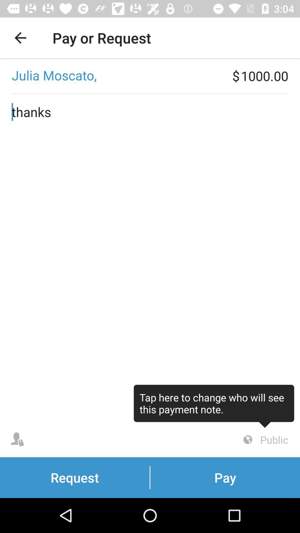 The image size is (300, 533). Describe the element at coordinates (20, 37) in the screenshot. I see `icon at the top left corner` at that location.